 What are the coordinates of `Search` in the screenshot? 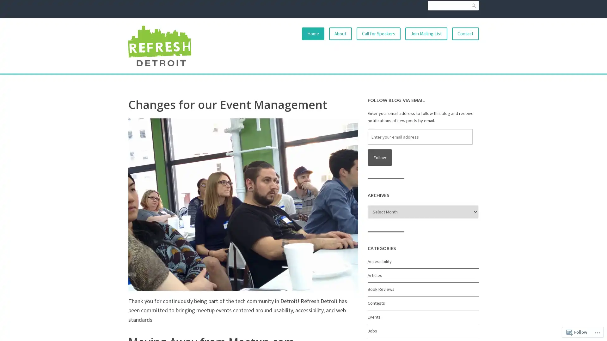 It's located at (474, 6).